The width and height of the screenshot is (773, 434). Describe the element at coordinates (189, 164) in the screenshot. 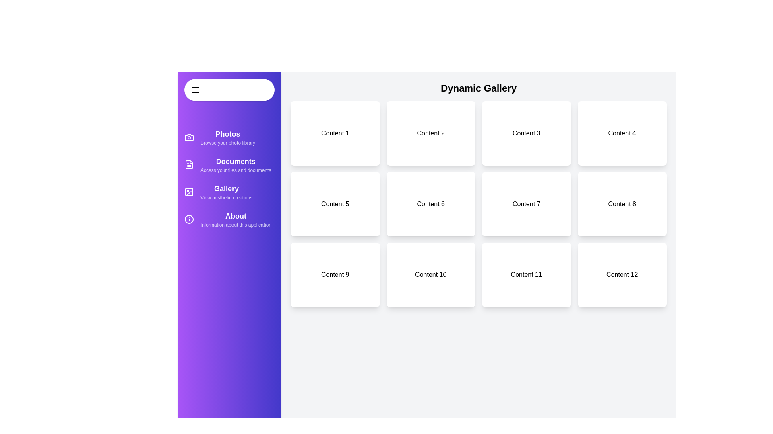

I see `the sidebar icon for Documents` at that location.